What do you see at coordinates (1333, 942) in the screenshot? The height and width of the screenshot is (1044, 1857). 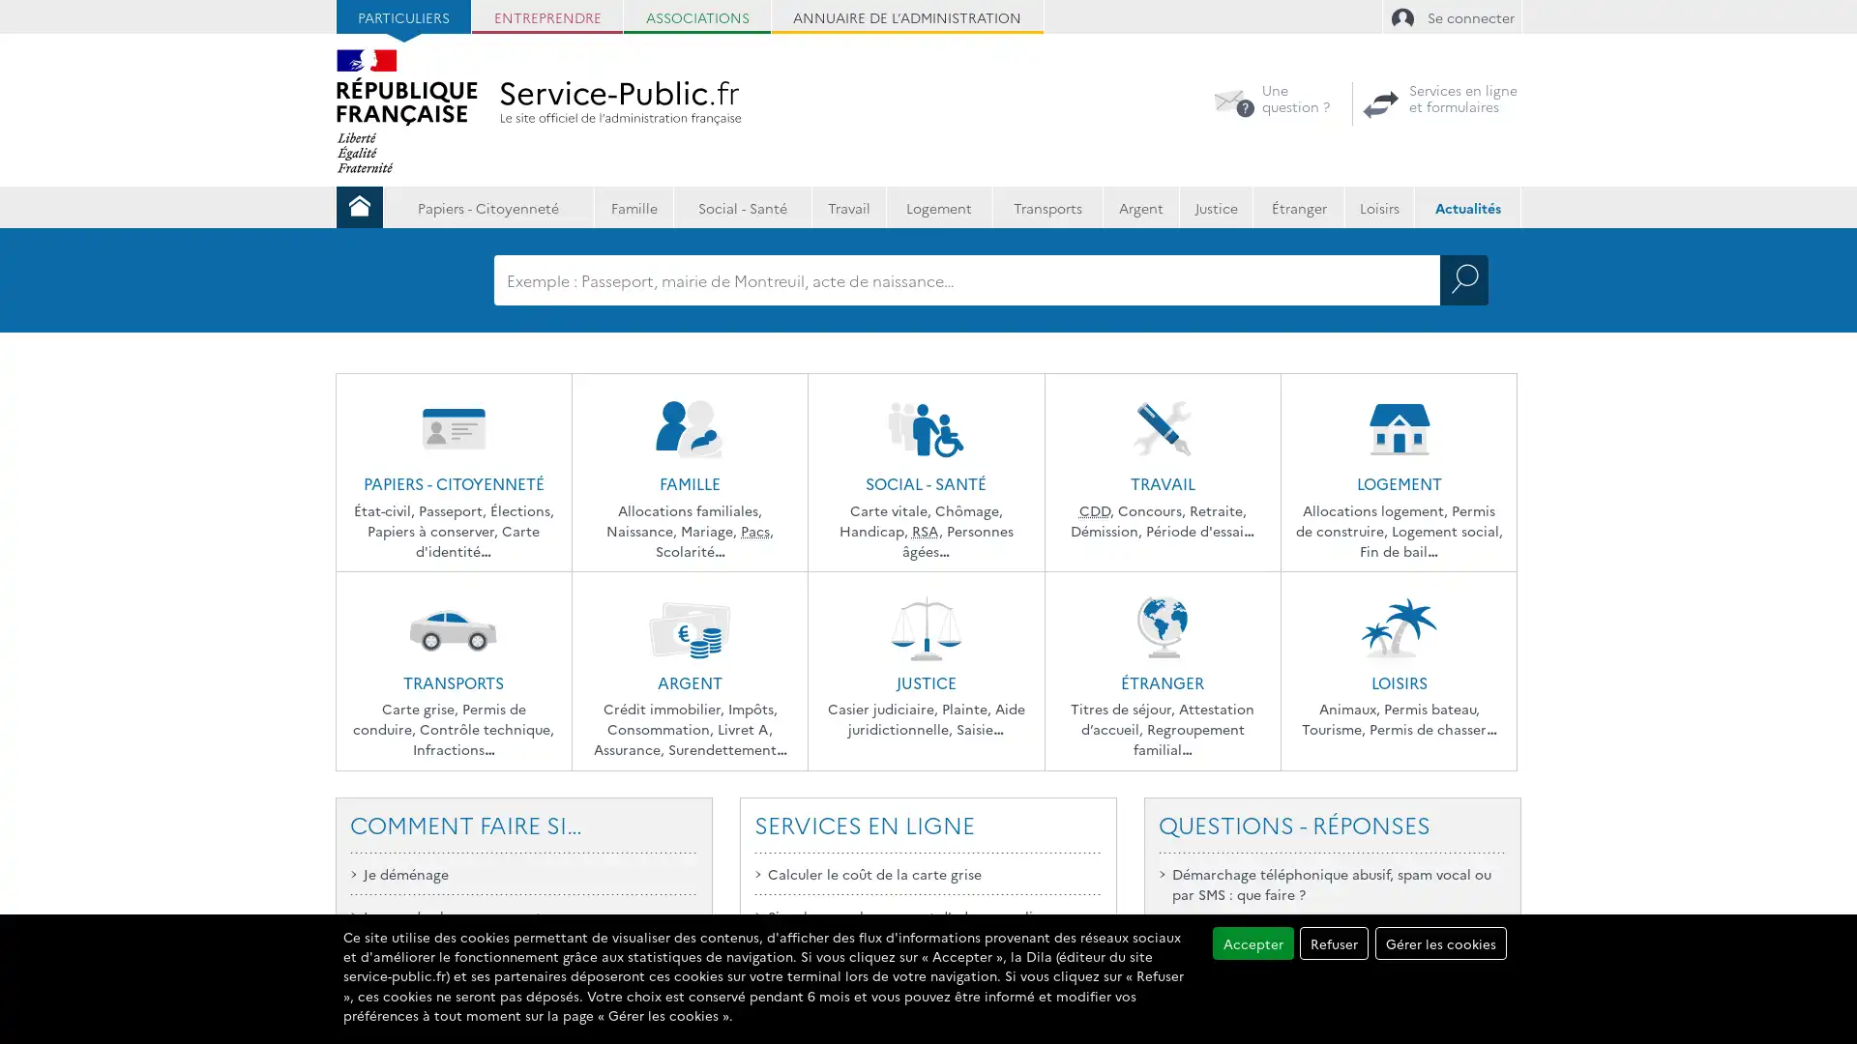 I see `Refuser` at bounding box center [1333, 942].